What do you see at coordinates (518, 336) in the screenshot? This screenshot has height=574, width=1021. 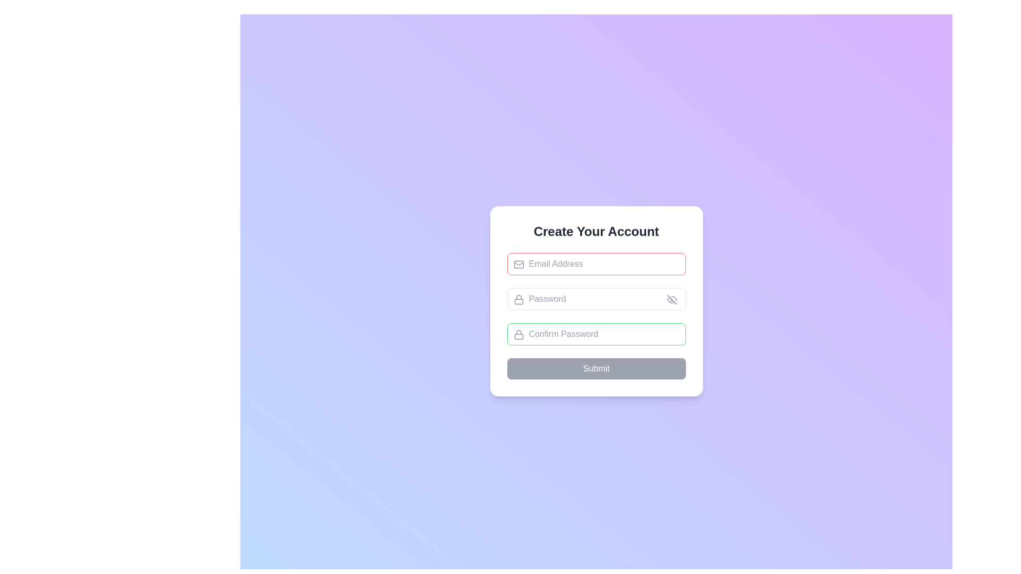 I see `the bottom rectangular section of the padlock icon within the 'Confirm Password' input field, which symbolizes security and serves a decorative purpose` at bounding box center [518, 336].